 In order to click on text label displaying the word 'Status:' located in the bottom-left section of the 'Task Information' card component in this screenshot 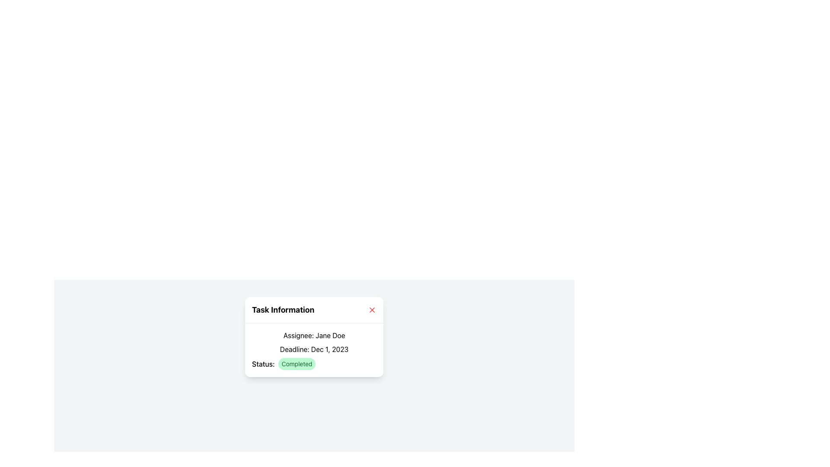, I will do `click(263, 364)`.